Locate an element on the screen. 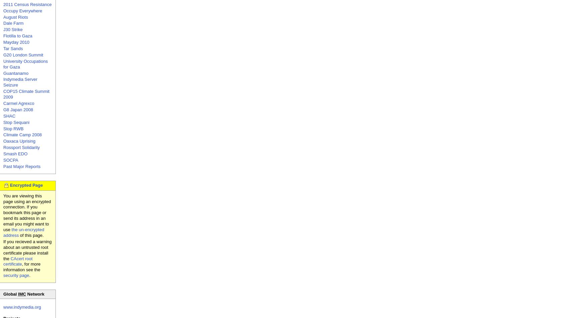  'G8 Japan 2008' is located at coordinates (18, 109).